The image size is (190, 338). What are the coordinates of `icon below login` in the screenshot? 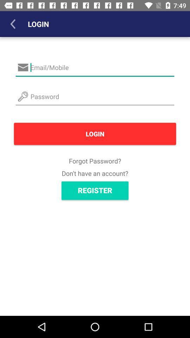 It's located at (95, 161).